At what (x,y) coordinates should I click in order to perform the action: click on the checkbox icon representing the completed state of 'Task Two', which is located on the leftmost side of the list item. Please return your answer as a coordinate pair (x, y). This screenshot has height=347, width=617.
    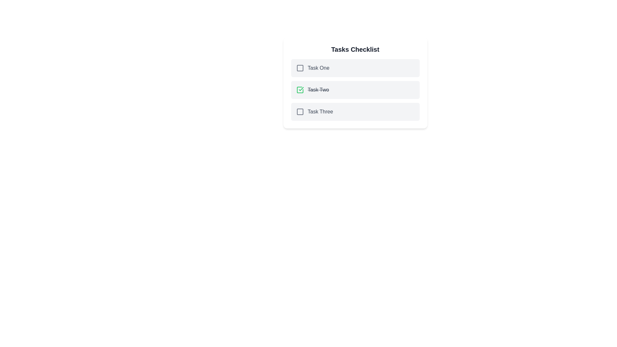
    Looking at the image, I should click on (300, 90).